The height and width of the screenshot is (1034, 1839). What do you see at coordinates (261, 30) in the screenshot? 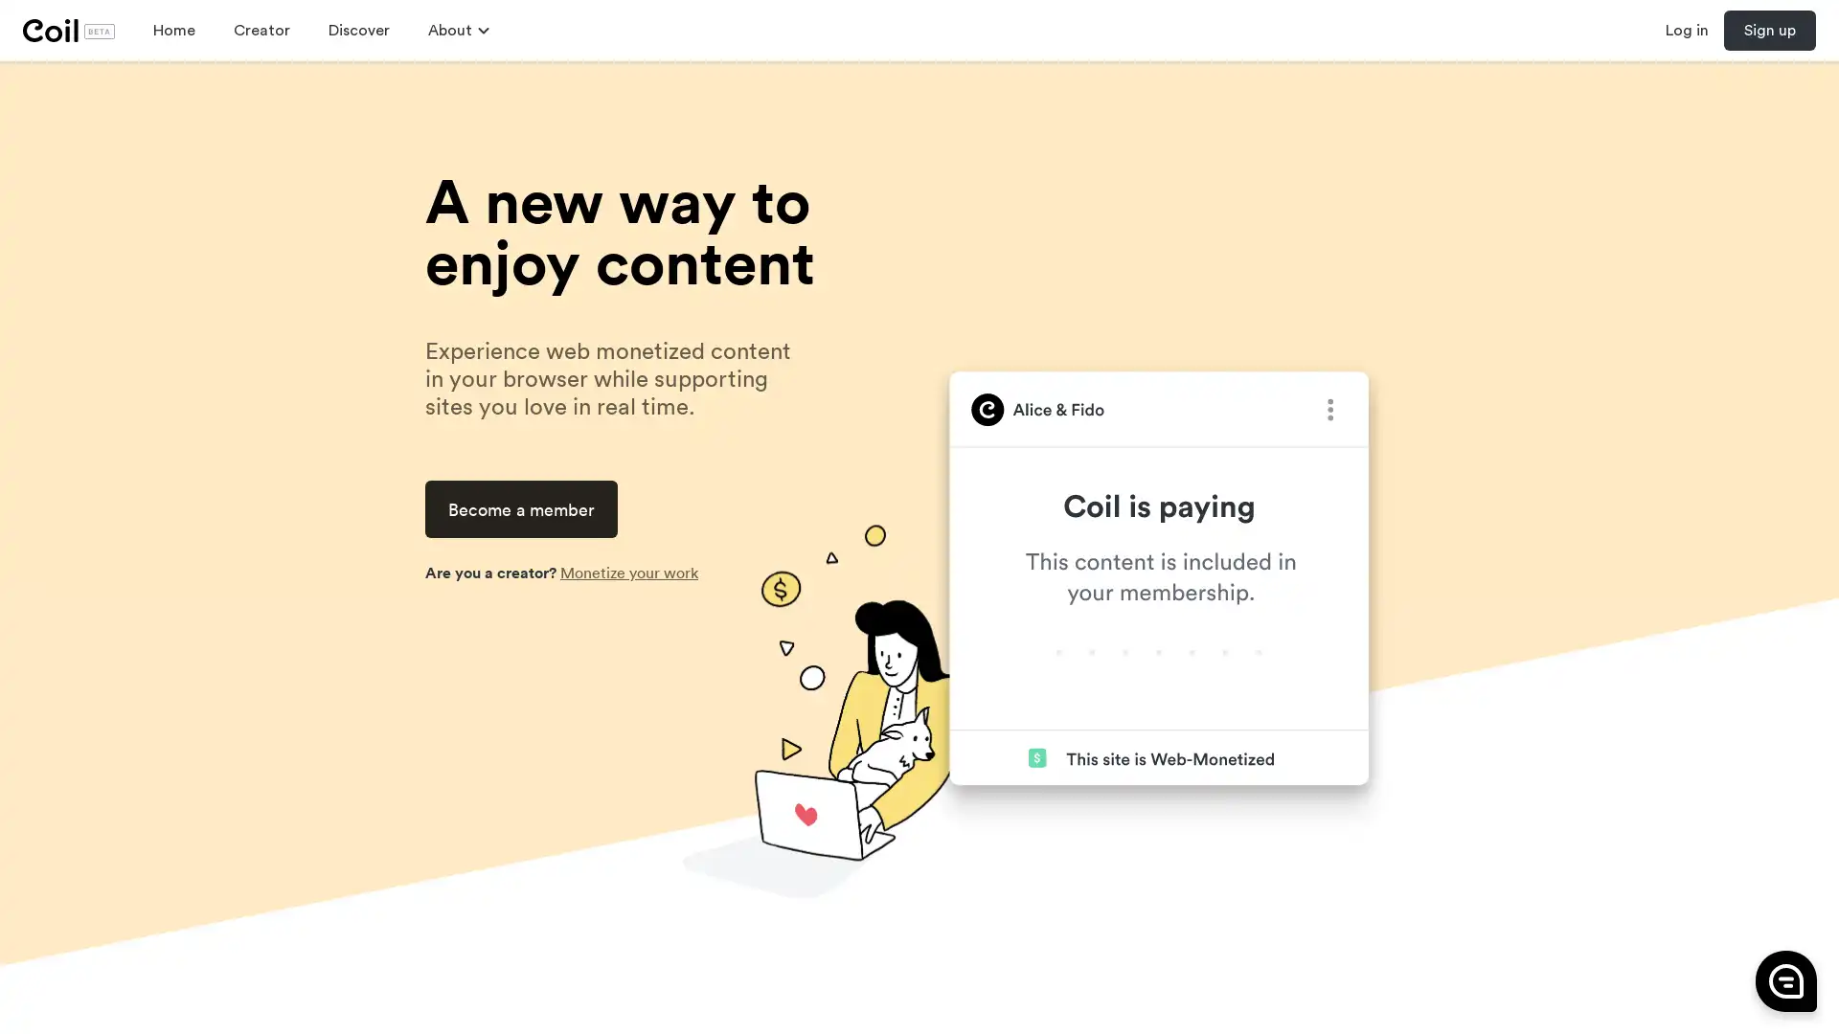
I see `Creator` at bounding box center [261, 30].